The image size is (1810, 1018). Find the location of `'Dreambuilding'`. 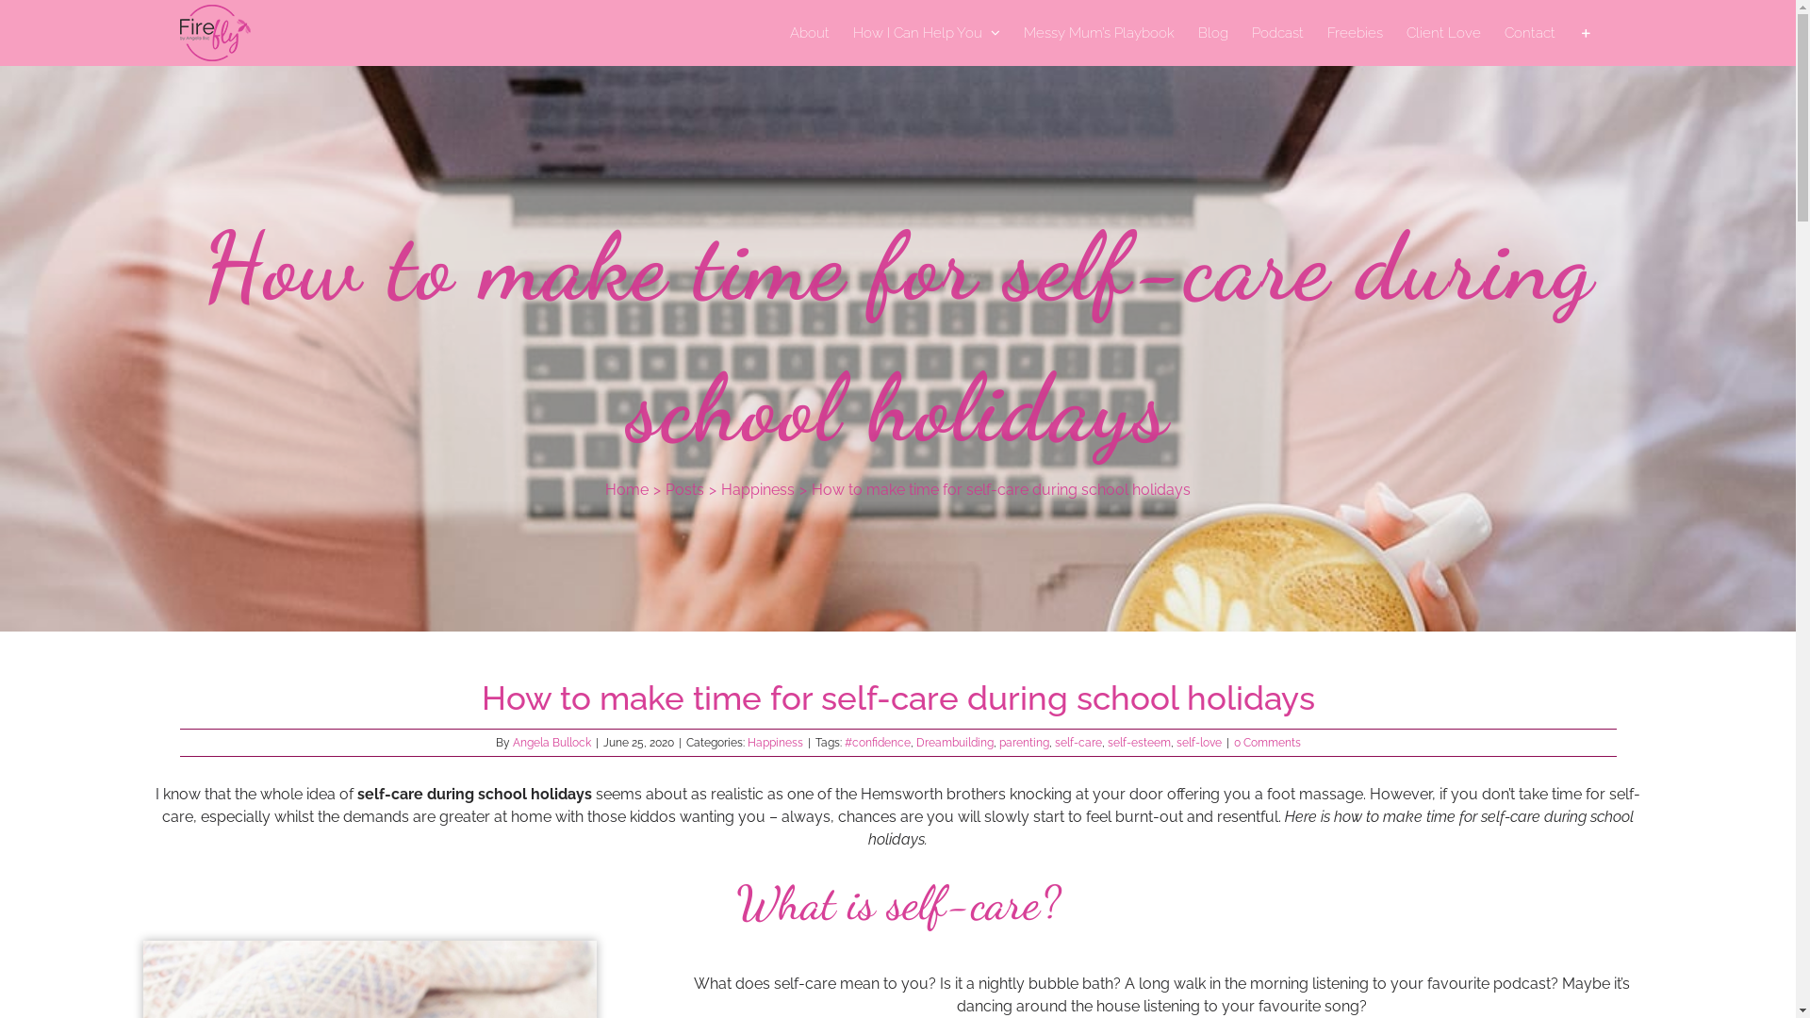

'Dreambuilding' is located at coordinates (915, 741).